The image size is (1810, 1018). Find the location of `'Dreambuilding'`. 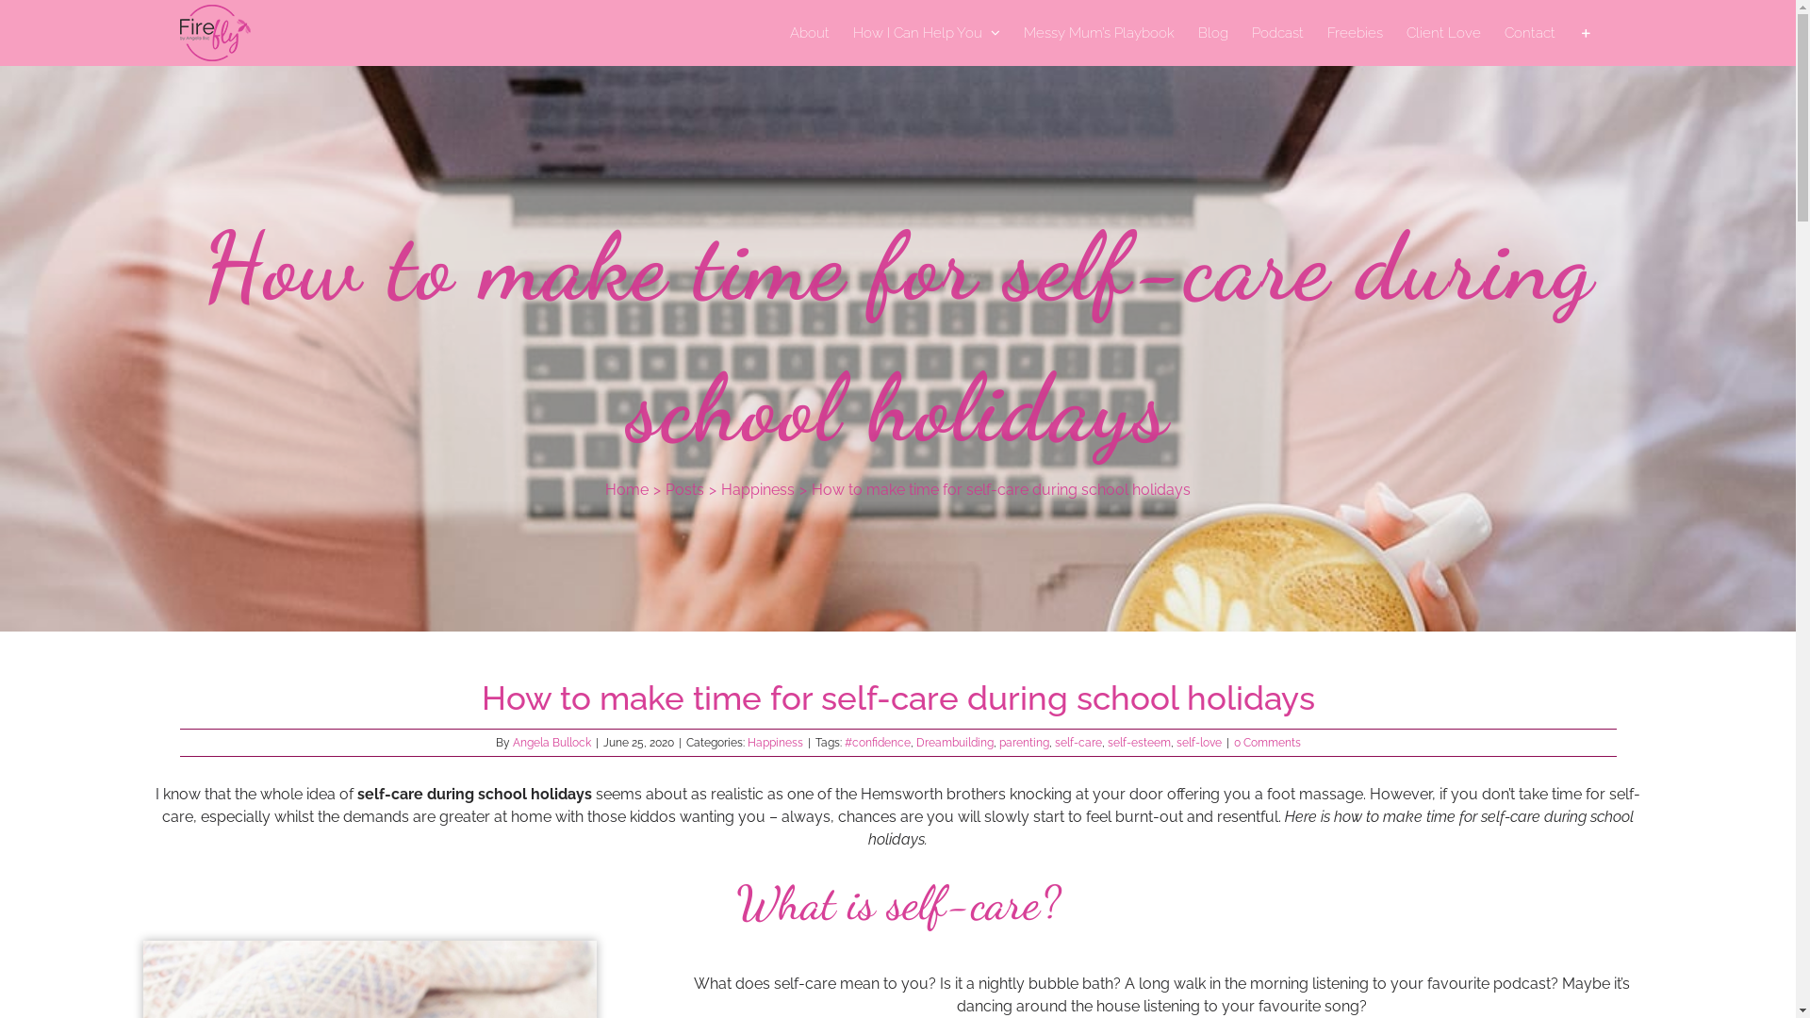

'Dreambuilding' is located at coordinates (915, 741).